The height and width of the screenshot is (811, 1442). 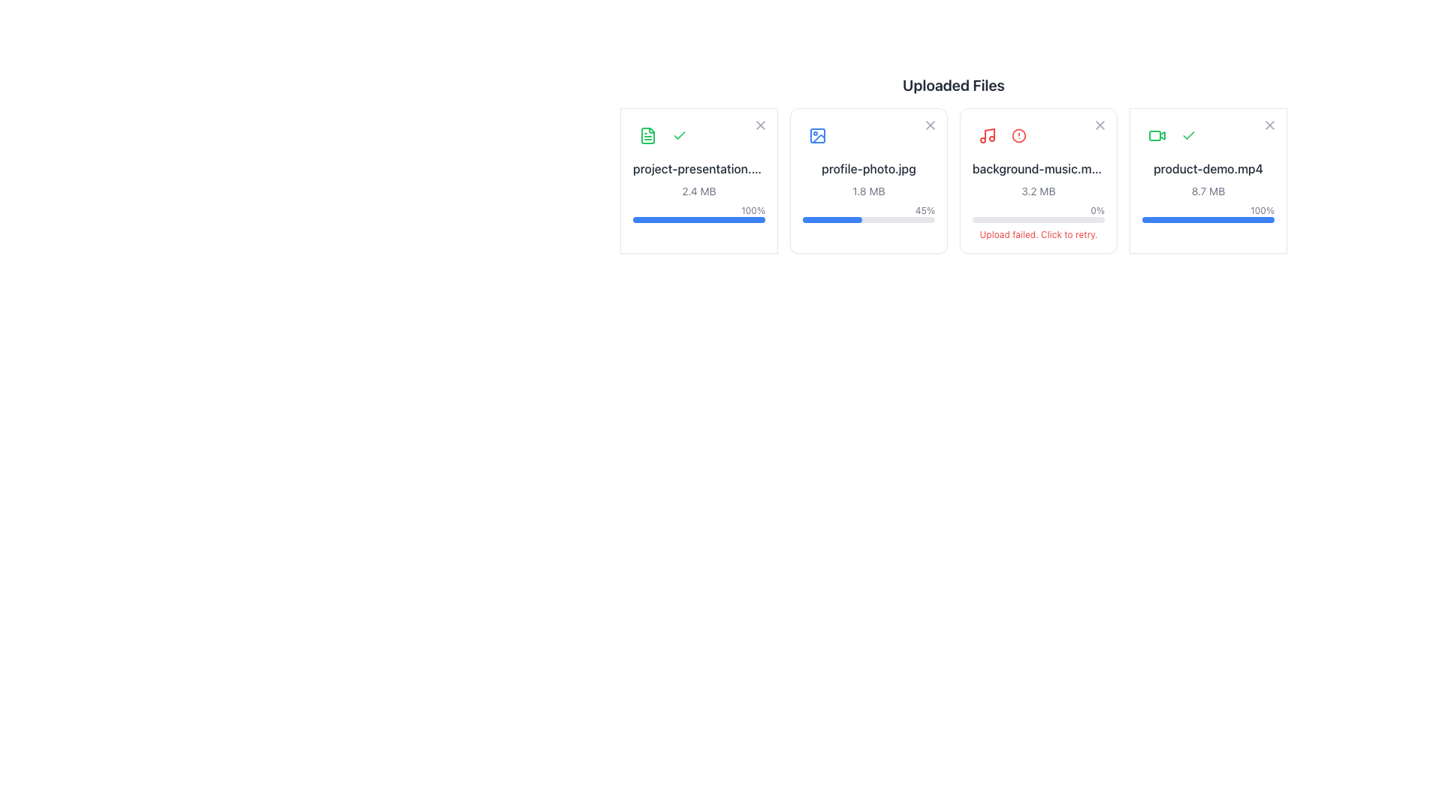 What do you see at coordinates (813, 220) in the screenshot?
I see `the upload progress for 'profile-photo.jpg'` at bounding box center [813, 220].